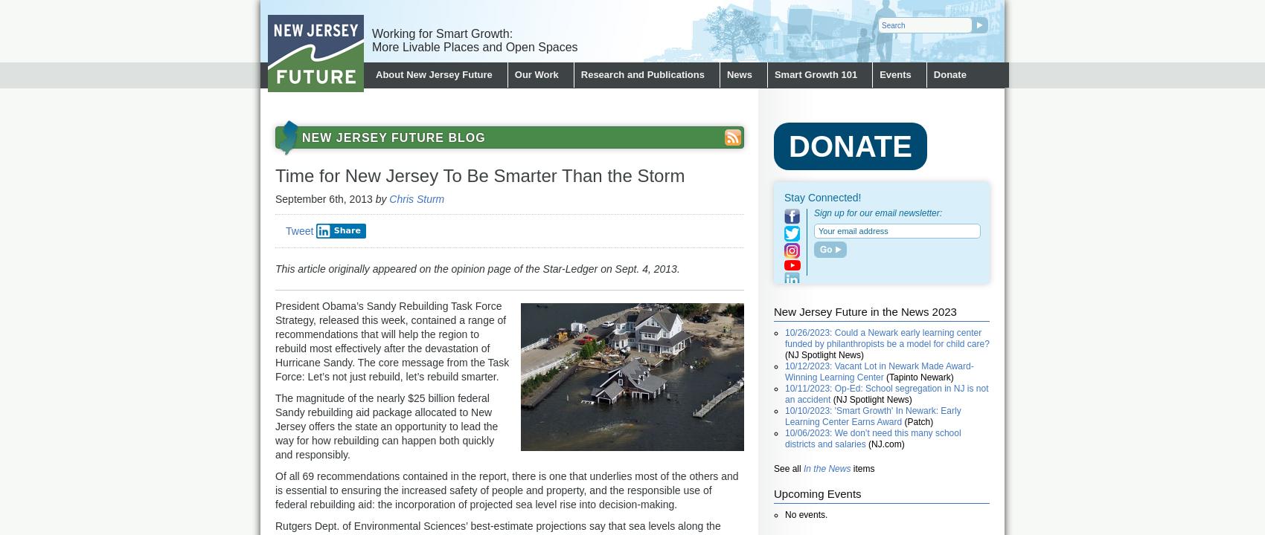 This screenshot has width=1265, height=535. Describe the element at coordinates (371, 33) in the screenshot. I see `'Working for Smart Growth:'` at that location.